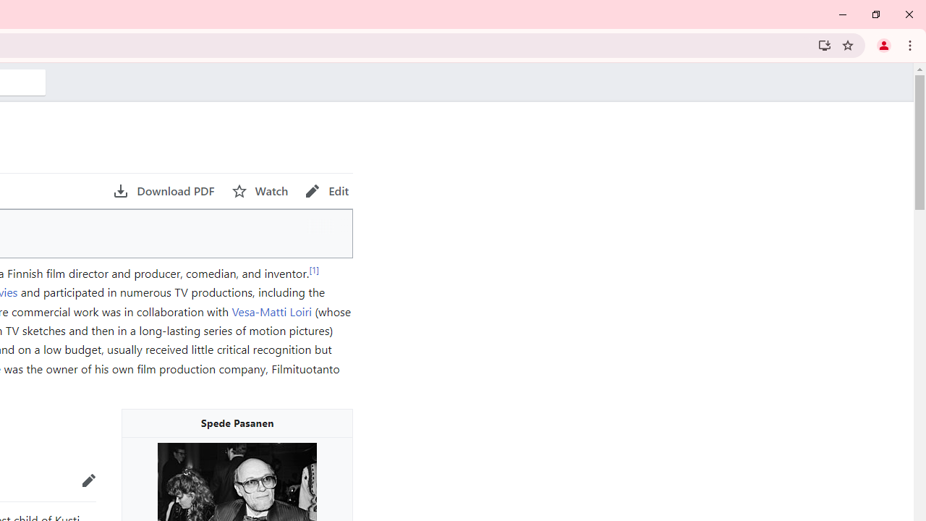 Image resolution: width=926 pixels, height=521 pixels. I want to click on 'AutomationID: page-actions-watch', so click(260, 190).